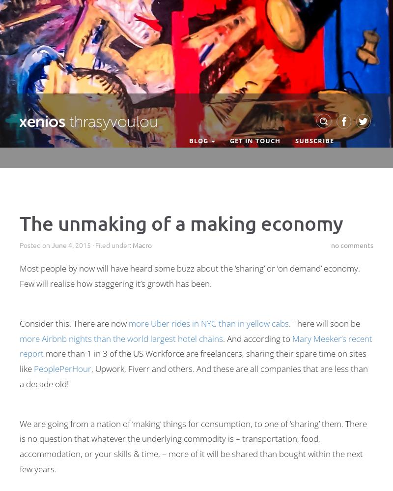 The width and height of the screenshot is (393, 491). What do you see at coordinates (193, 446) in the screenshot?
I see `'We are going from a nation of ‘making’ things for consumption, to one of ‘sharing’ them. There is no question that whatever the underlying commodity is – transportation, food, accommodation, or your skills & time, – more of it will be shared than bought within the next few years.'` at bounding box center [193, 446].